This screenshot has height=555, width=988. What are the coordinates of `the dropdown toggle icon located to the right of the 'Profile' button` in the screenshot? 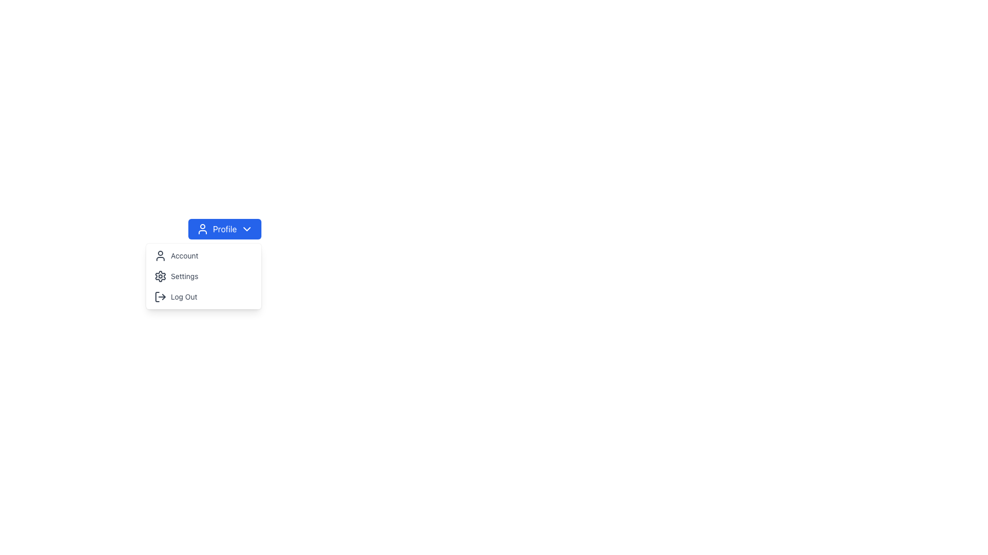 It's located at (247, 229).